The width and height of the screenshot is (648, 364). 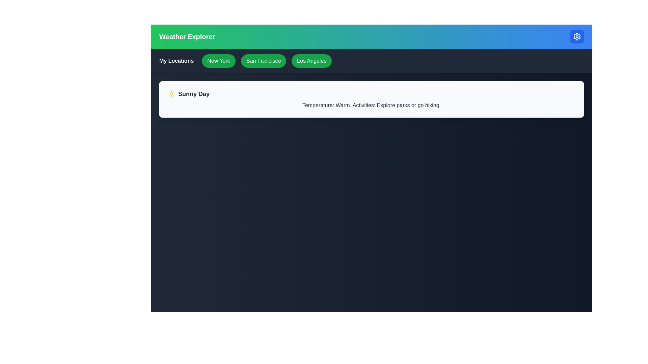 What do you see at coordinates (576, 36) in the screenshot?
I see `the settings button to toggle the settings menu visibility` at bounding box center [576, 36].